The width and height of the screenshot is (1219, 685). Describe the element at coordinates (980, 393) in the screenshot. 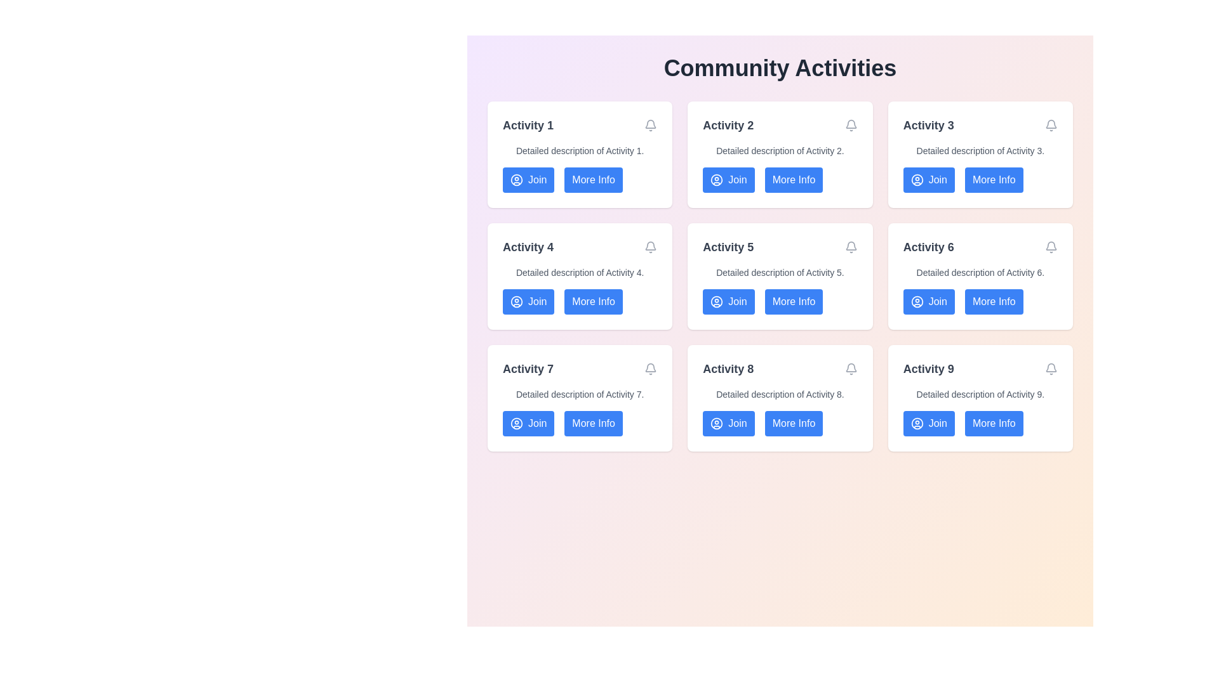

I see `the static text label providing details about 'Activity 9', located directly below its title and above the 'Join' and 'More Info' buttons` at that location.